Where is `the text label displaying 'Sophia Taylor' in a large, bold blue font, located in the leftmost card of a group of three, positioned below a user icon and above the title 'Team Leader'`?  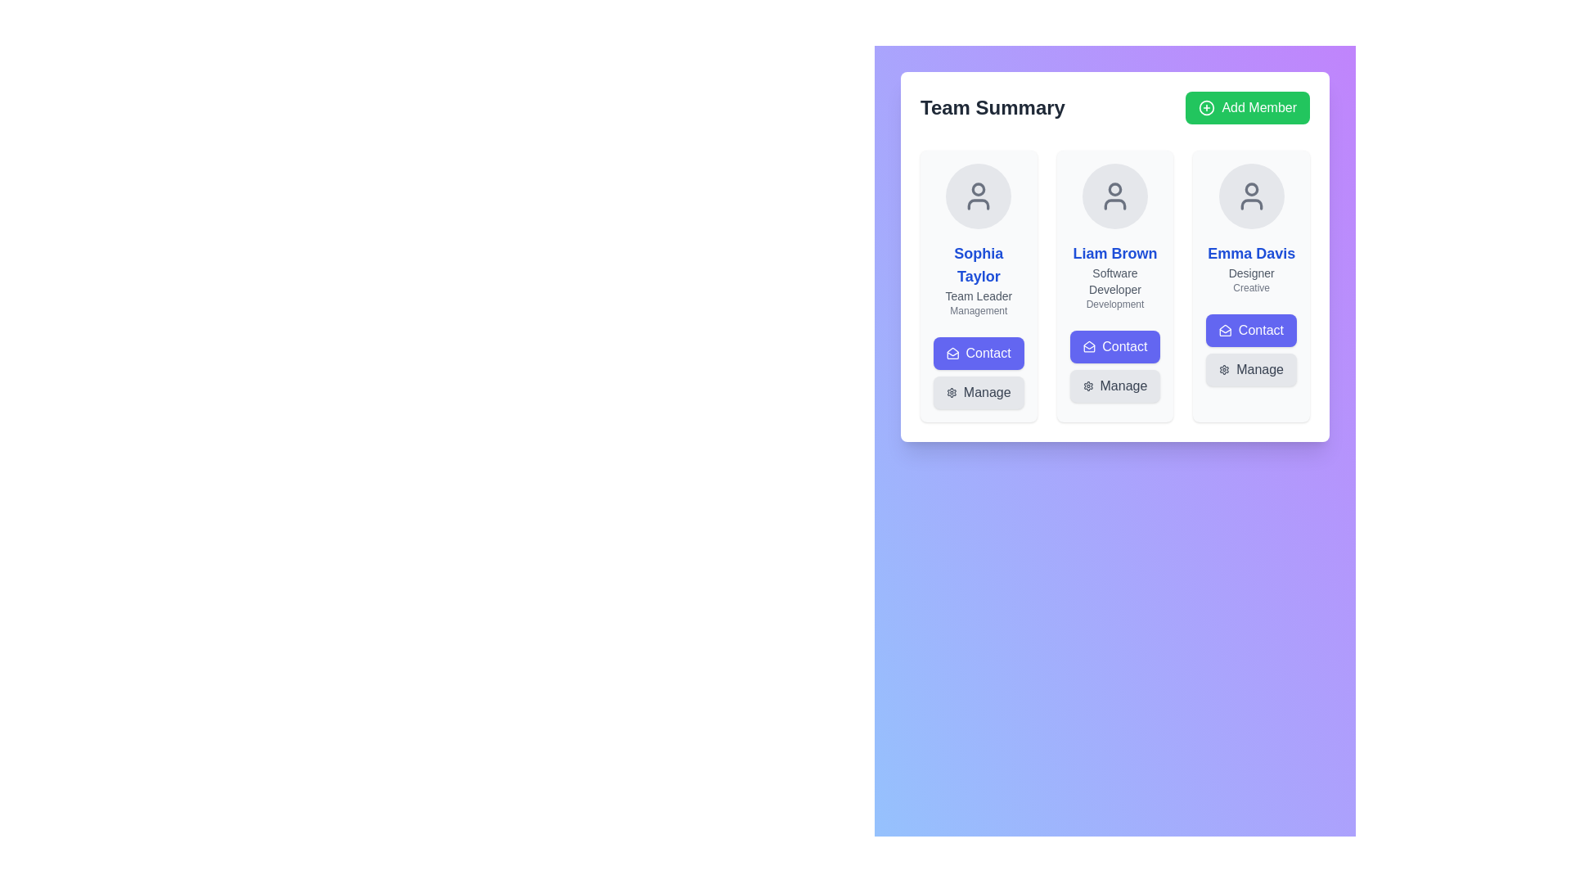 the text label displaying 'Sophia Taylor' in a large, bold blue font, located in the leftmost card of a group of three, positioned below a user icon and above the title 'Team Leader' is located at coordinates (979, 264).